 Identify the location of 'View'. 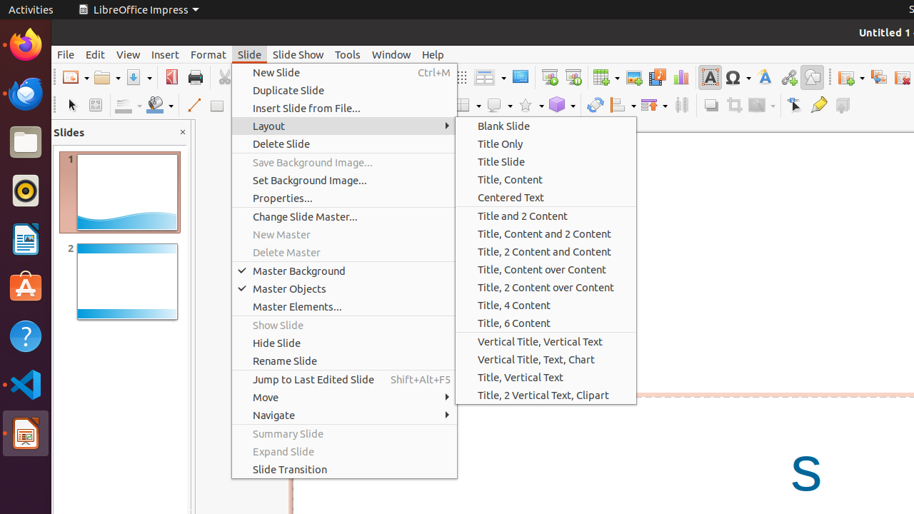
(128, 54).